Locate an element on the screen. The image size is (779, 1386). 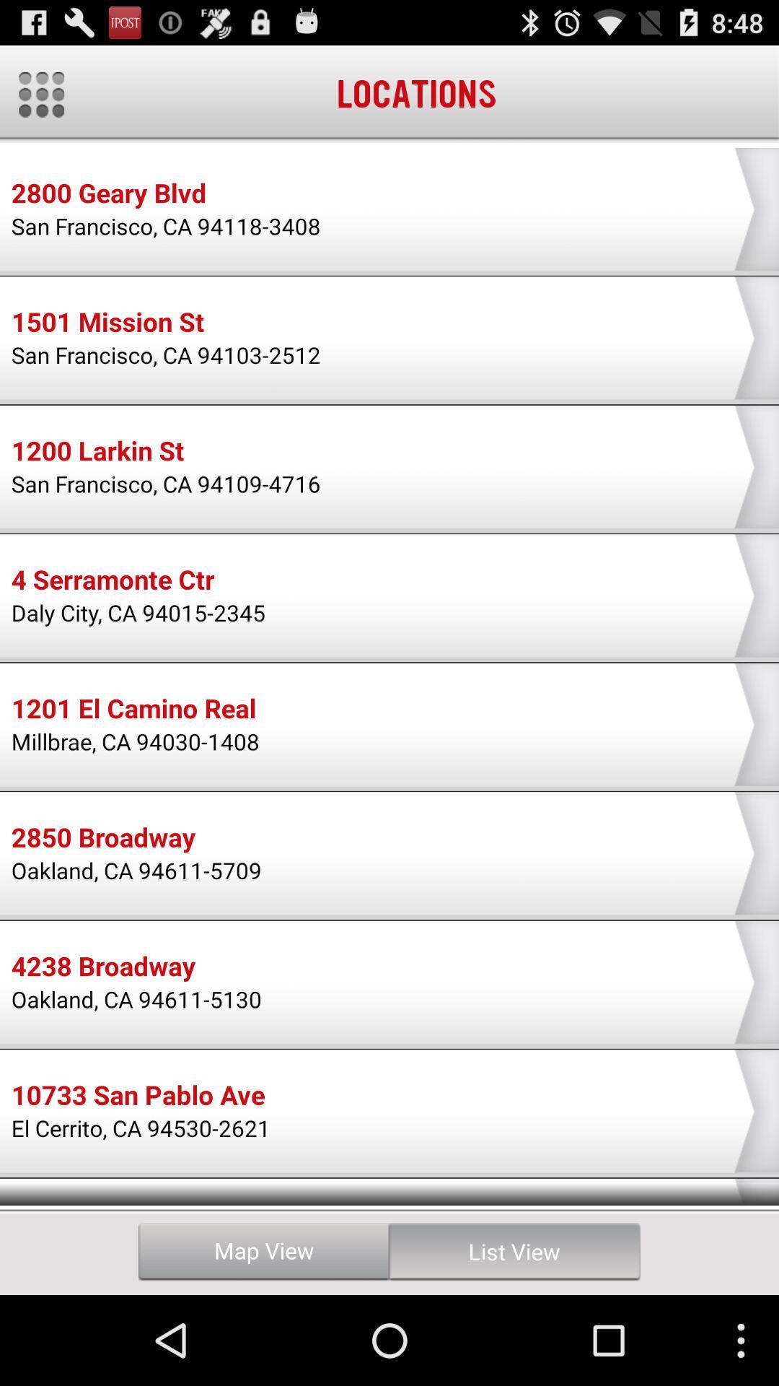
icon above 1201 el camino icon is located at coordinates (138, 612).